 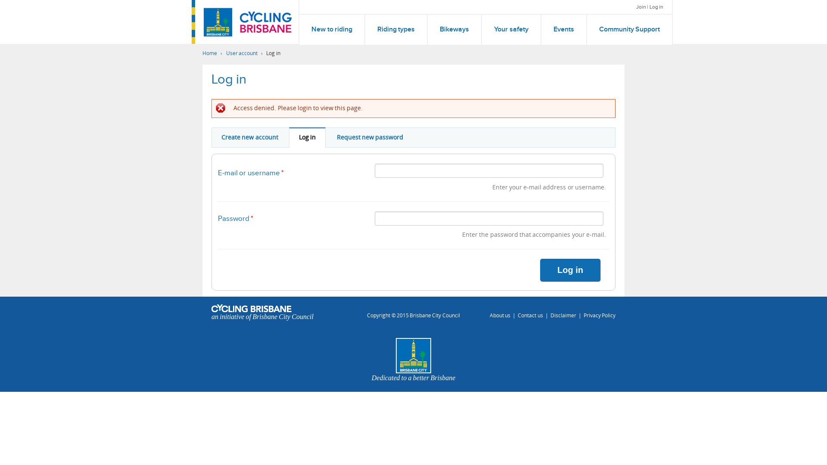 What do you see at coordinates (307, 137) in the screenshot?
I see `'Log in` at bounding box center [307, 137].